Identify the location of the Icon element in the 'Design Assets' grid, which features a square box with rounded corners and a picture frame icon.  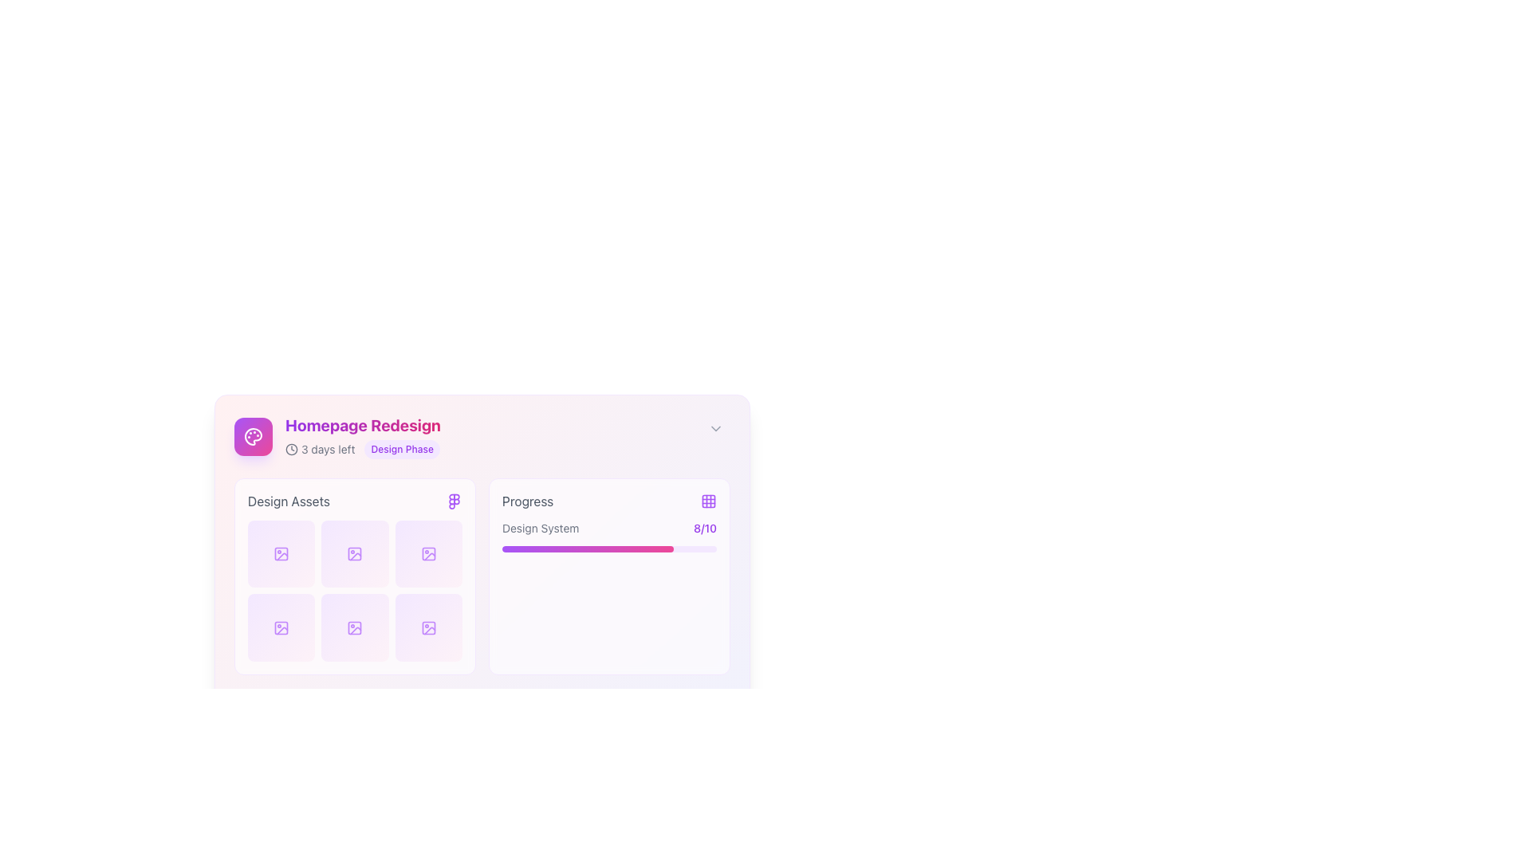
(428, 553).